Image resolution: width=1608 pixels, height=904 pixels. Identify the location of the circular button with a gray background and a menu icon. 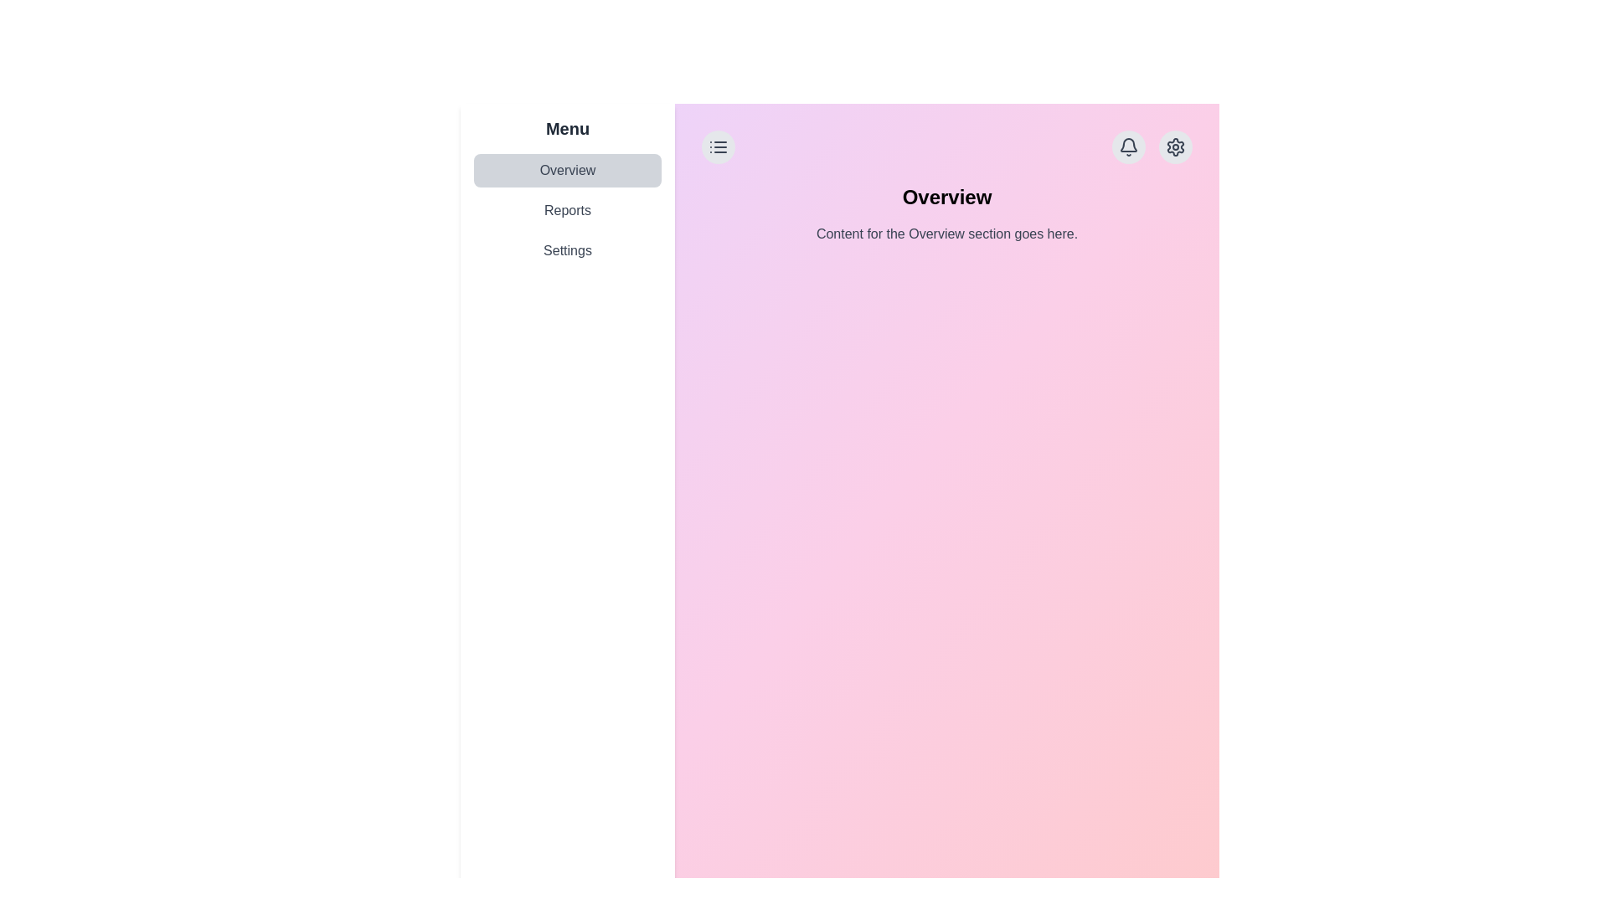
(719, 146).